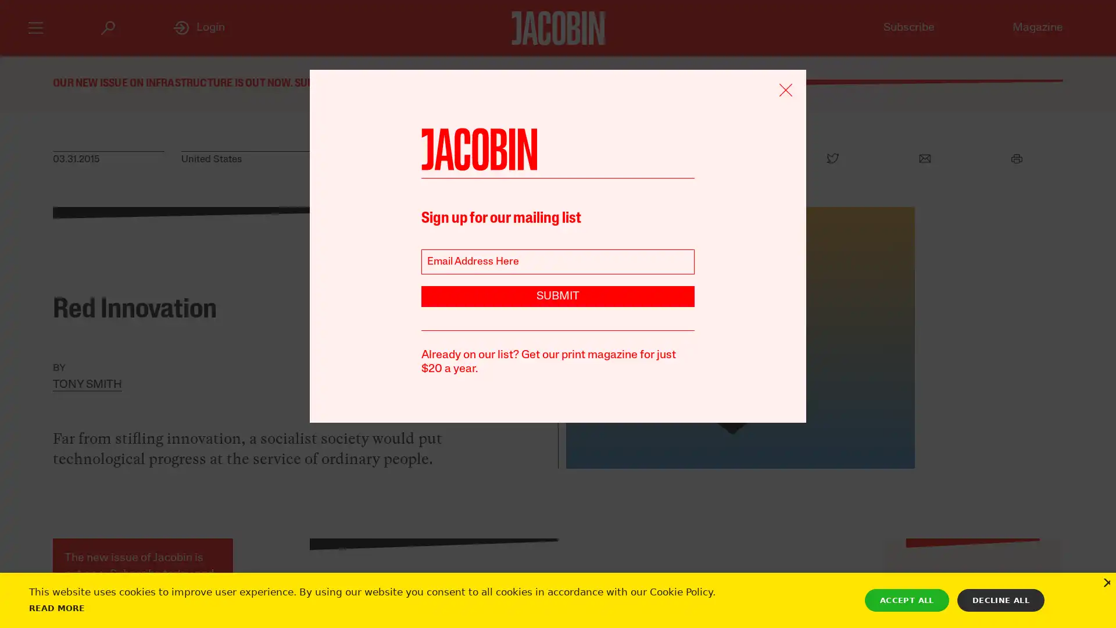 Image resolution: width=1116 pixels, height=628 pixels. What do you see at coordinates (1000, 600) in the screenshot?
I see `DECLINE ALL` at bounding box center [1000, 600].